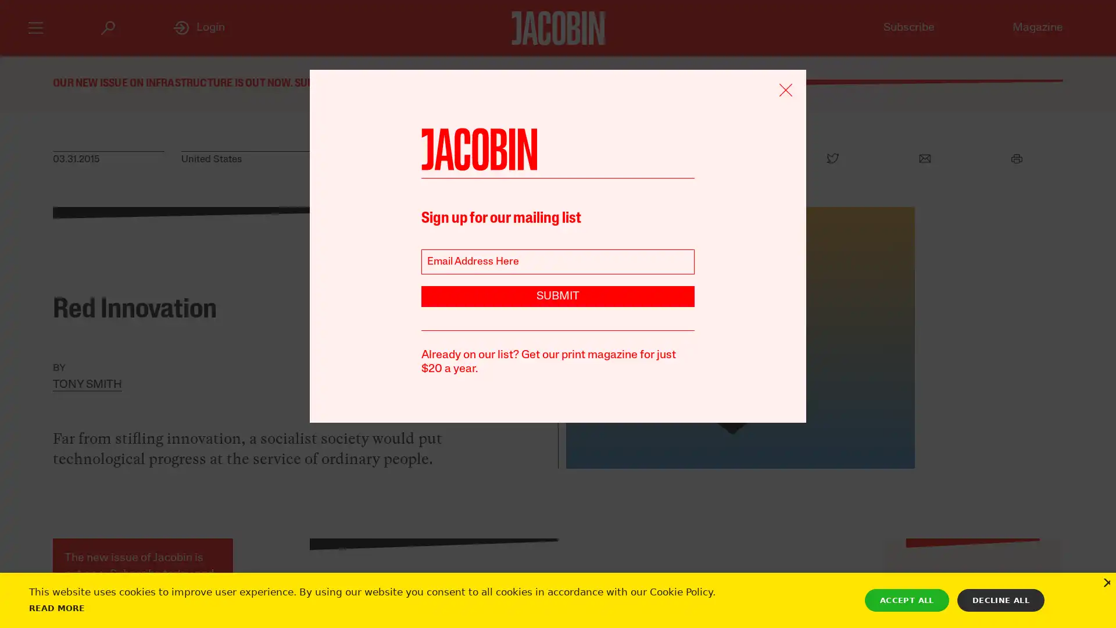 Image resolution: width=1116 pixels, height=628 pixels. What do you see at coordinates (1000, 600) in the screenshot?
I see `DECLINE ALL` at bounding box center [1000, 600].